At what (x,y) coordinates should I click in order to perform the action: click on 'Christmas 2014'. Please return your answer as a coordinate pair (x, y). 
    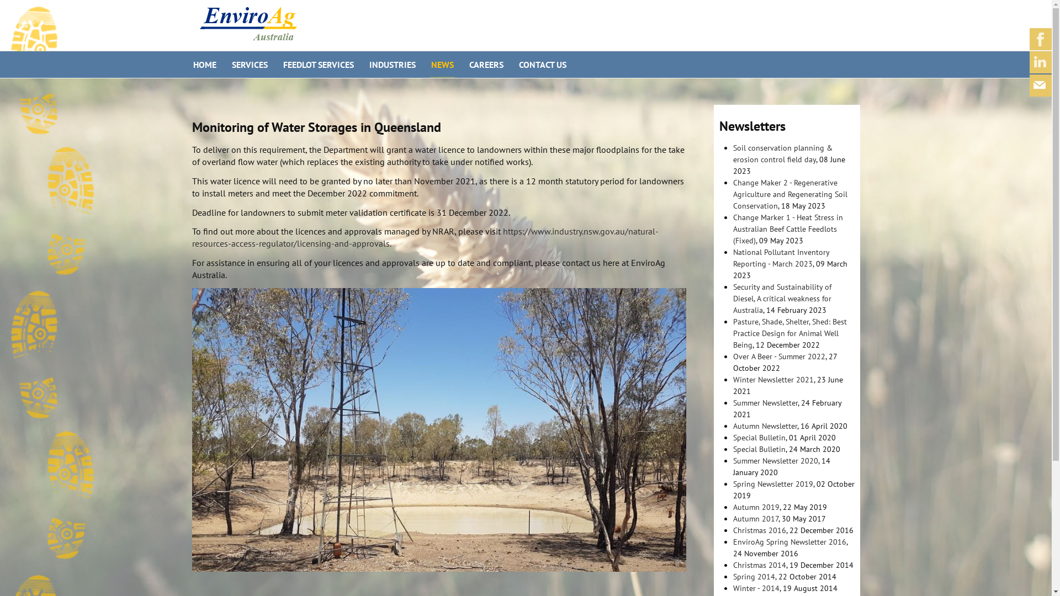
    Looking at the image, I should click on (759, 565).